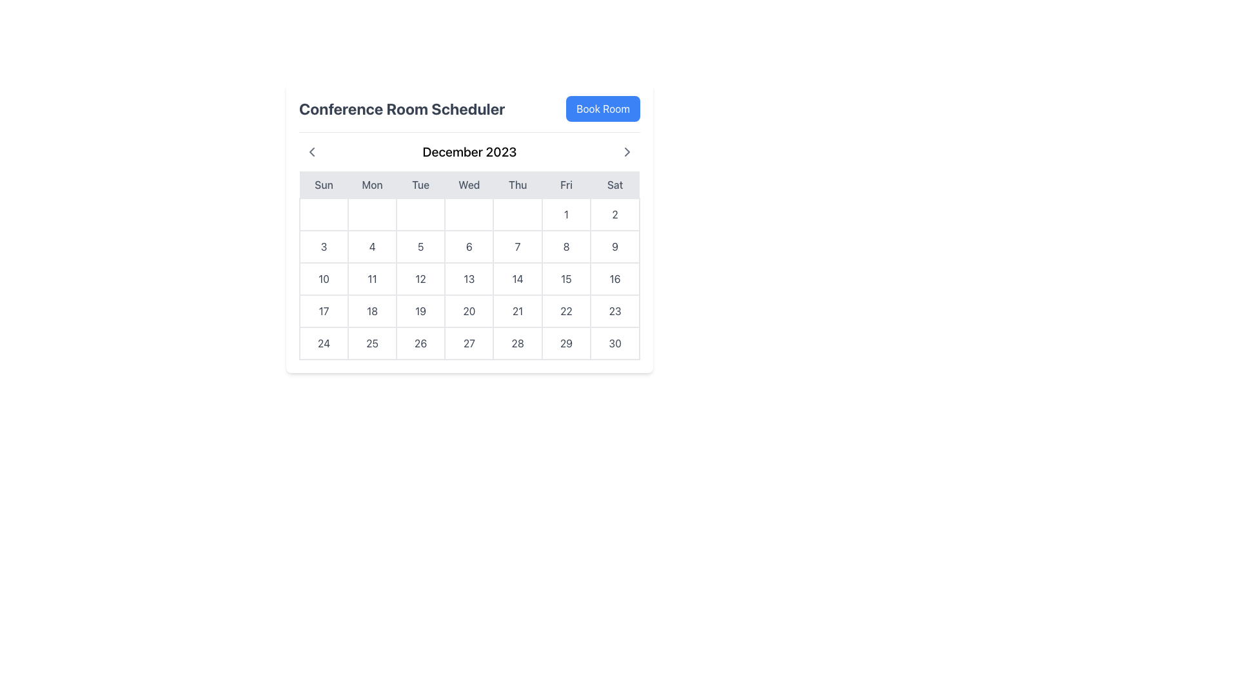 This screenshot has width=1238, height=696. Describe the element at coordinates (469, 246) in the screenshot. I see `the calendar date cell representing the date 6 in the fourth column of the second row` at that location.